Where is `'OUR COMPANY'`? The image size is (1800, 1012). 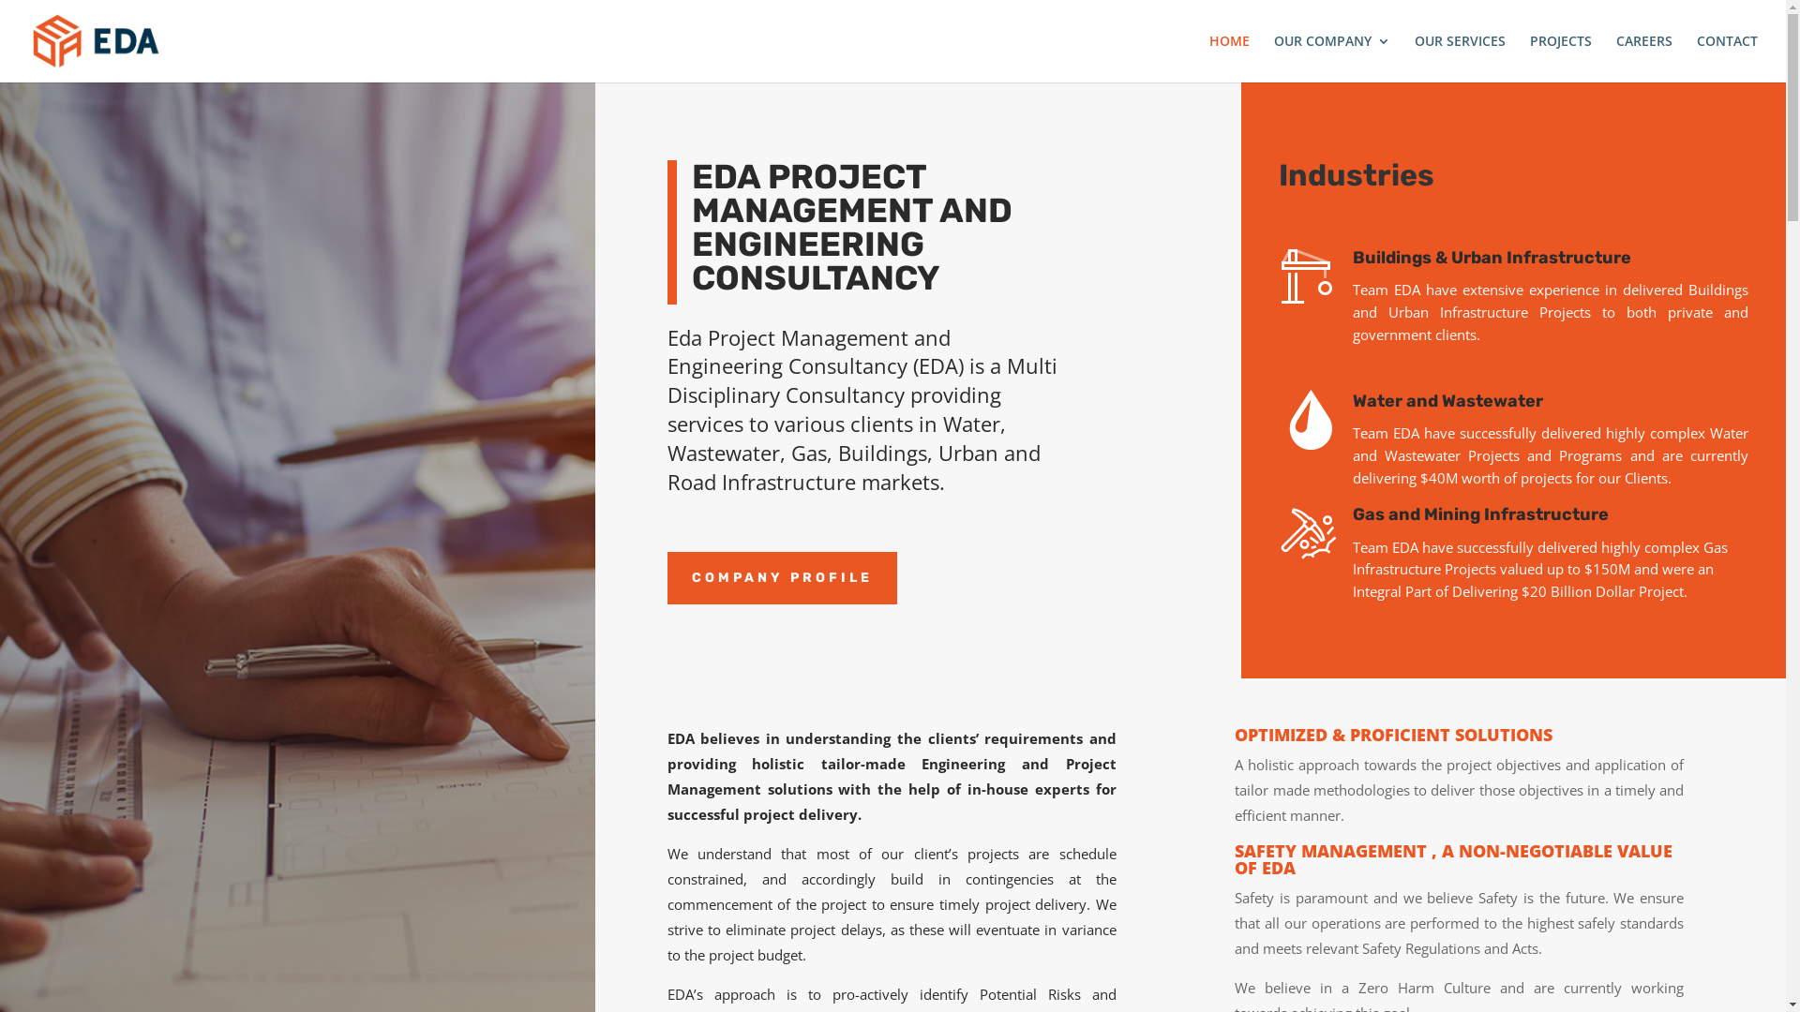
'OUR COMPANY' is located at coordinates (1273, 57).